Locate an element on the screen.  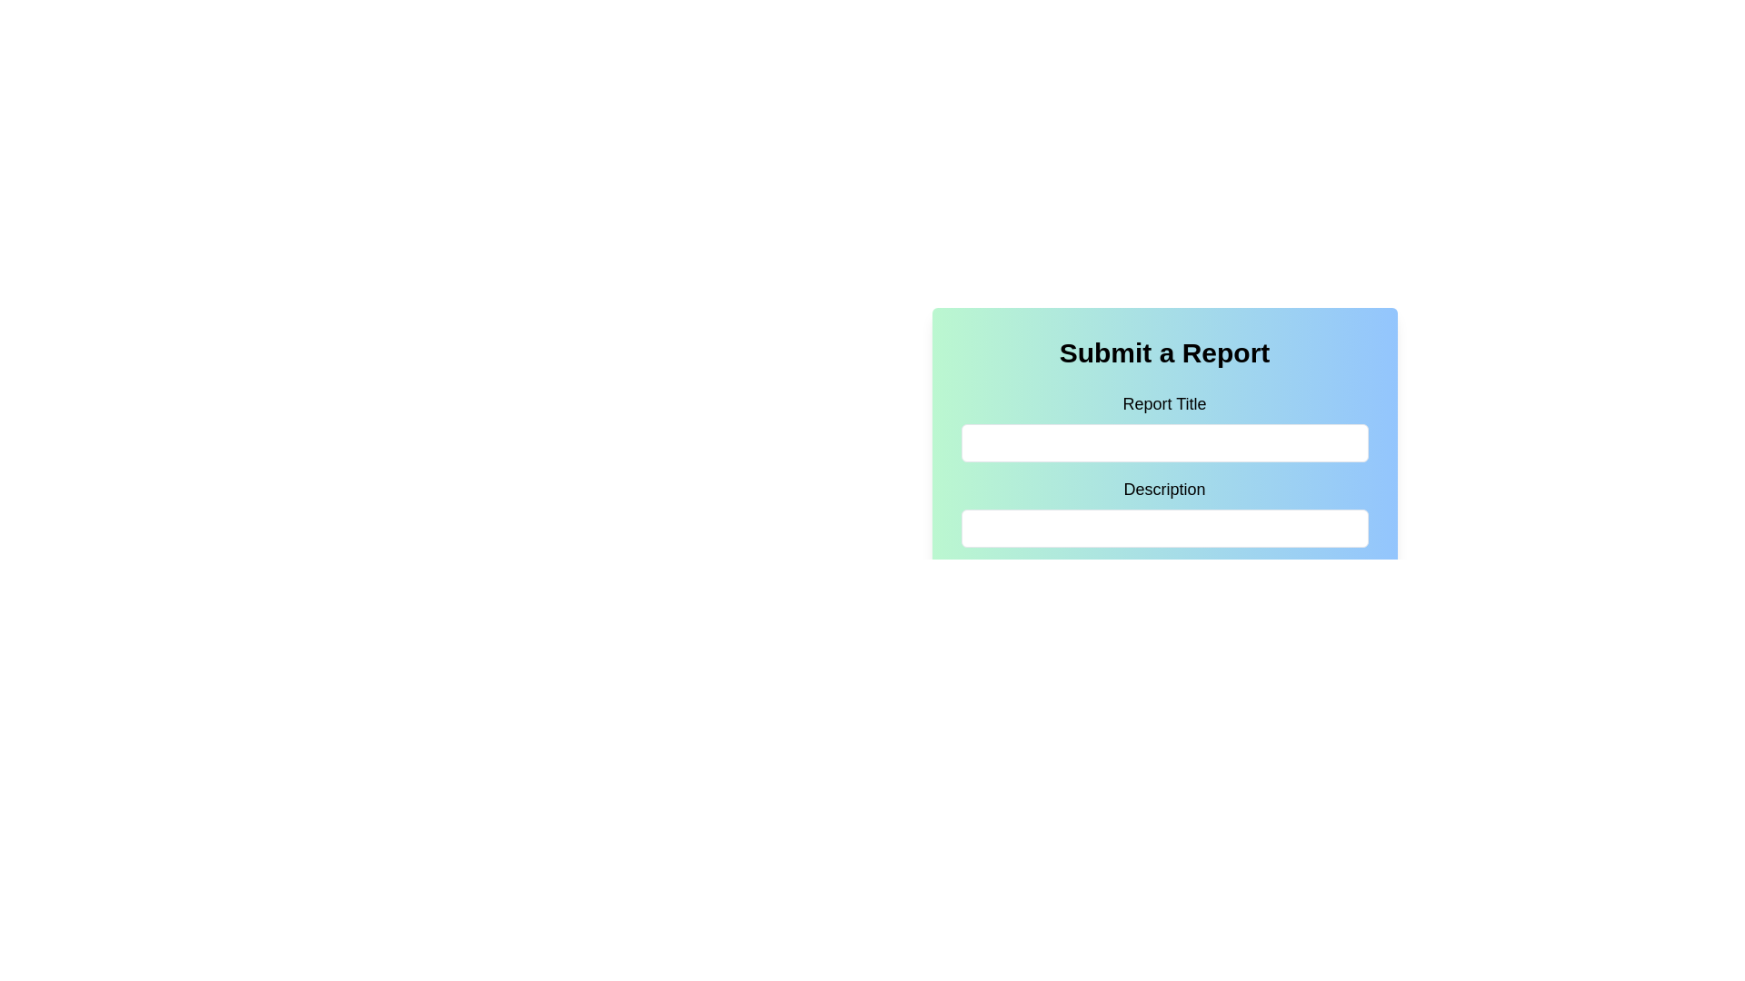
the 'Description' text input box located beneath the 'Report Title' section of the form, which is the second labeled input field in the interface is located at coordinates (1164, 511).